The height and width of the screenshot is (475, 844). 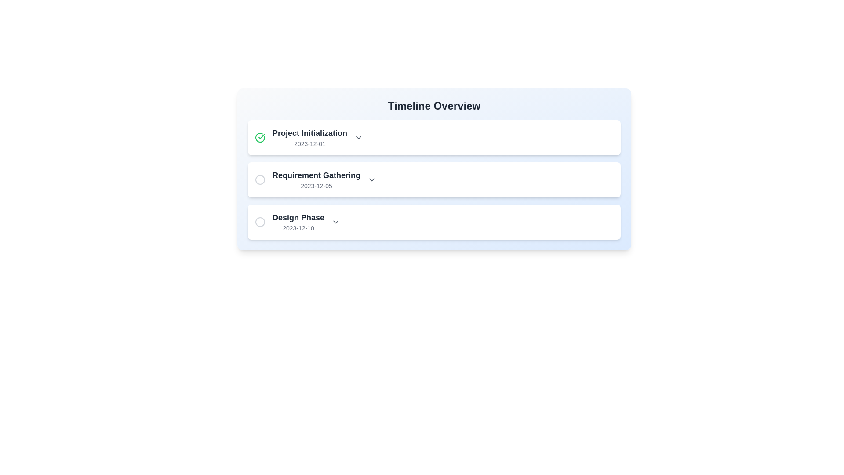 I want to click on the second list item, so click(x=316, y=179).